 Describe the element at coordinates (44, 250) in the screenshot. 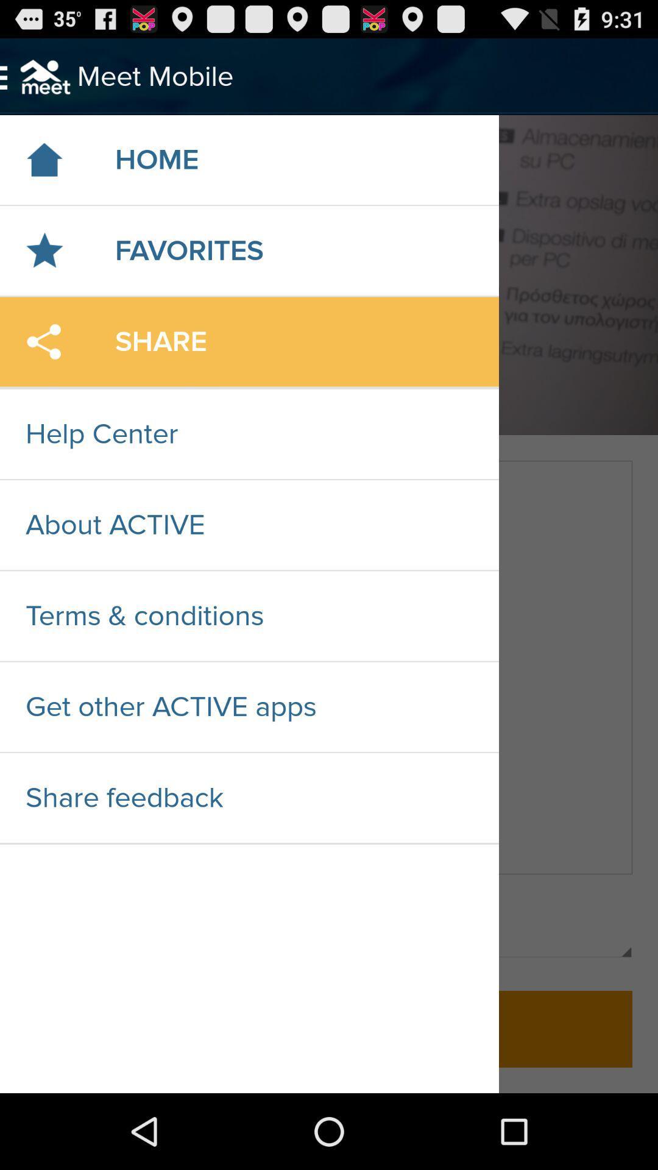

I see `star option which is beside favorites` at that location.